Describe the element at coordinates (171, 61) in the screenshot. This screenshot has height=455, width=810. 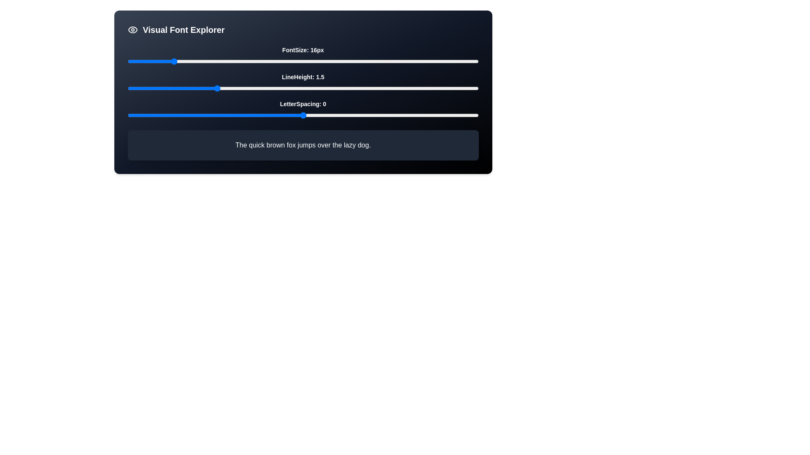
I see `the font size slider to 16 pixels` at that location.